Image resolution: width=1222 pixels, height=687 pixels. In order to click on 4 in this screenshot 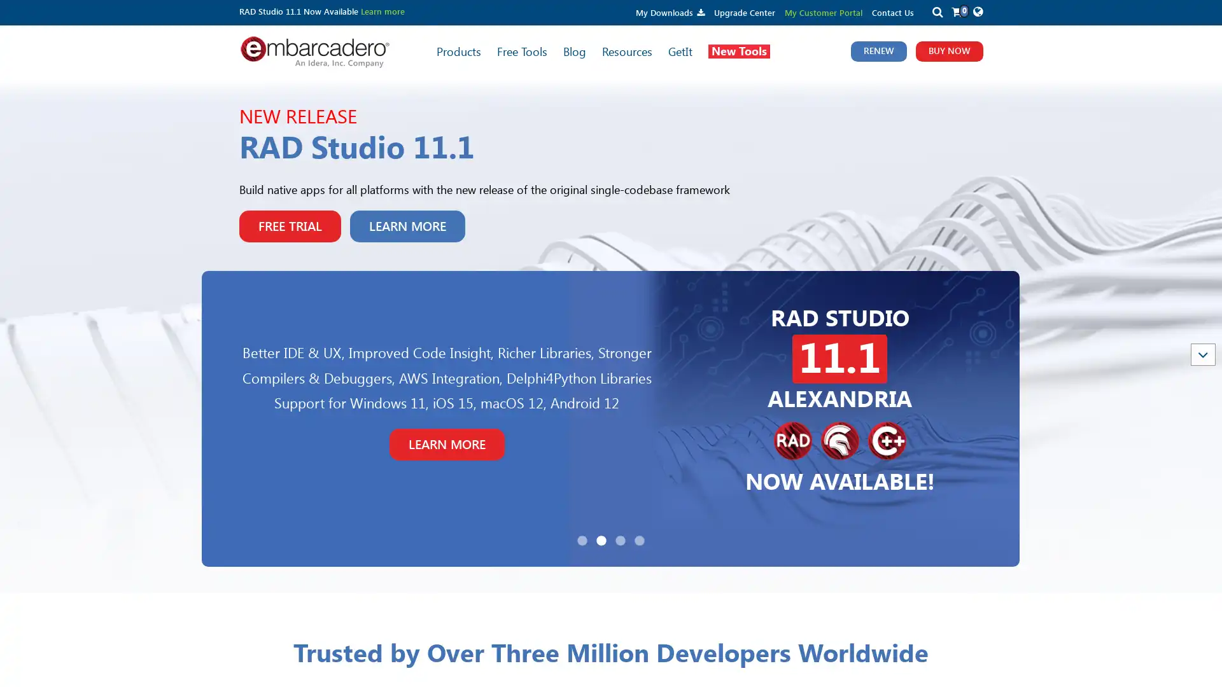, I will do `click(639, 540)`.